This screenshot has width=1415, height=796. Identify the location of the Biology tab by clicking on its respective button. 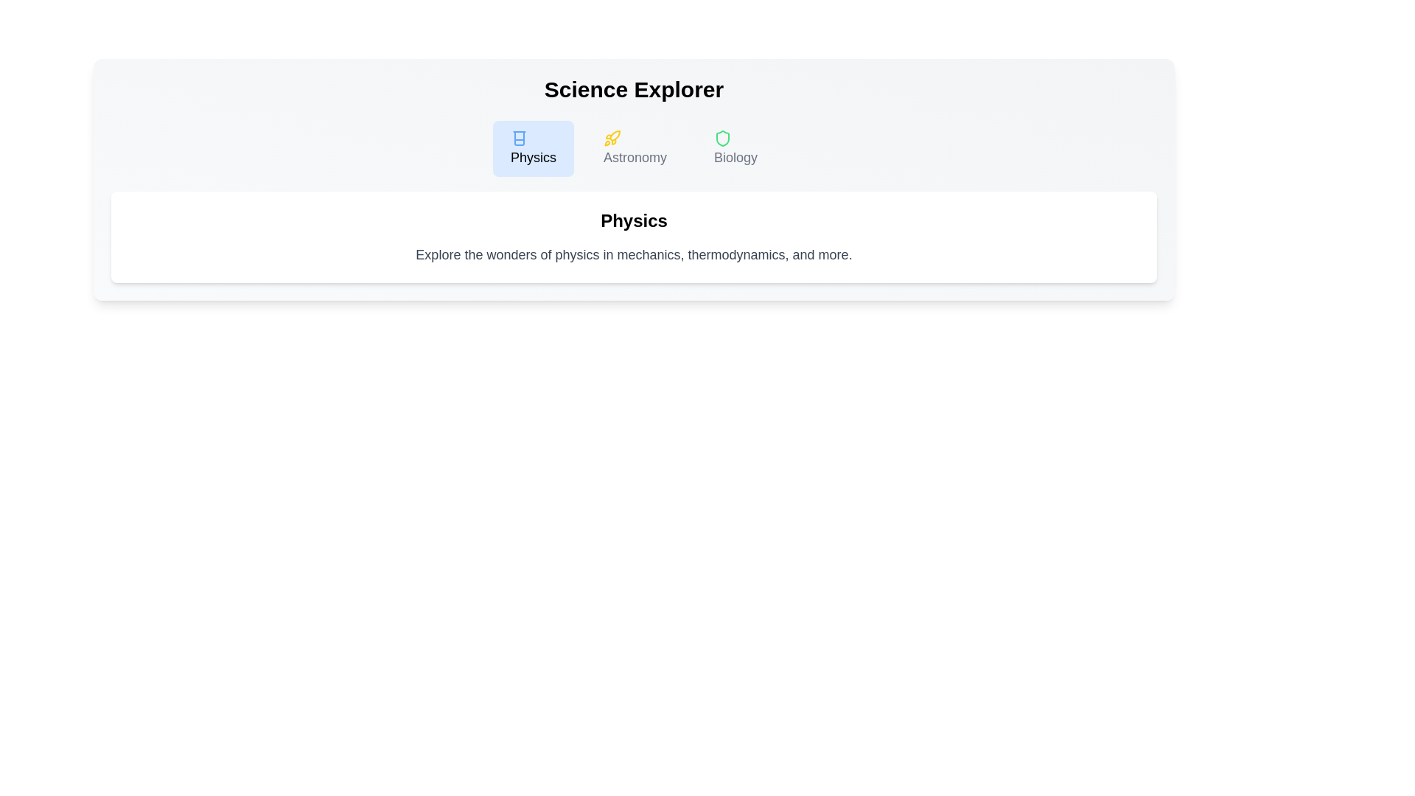
(736, 148).